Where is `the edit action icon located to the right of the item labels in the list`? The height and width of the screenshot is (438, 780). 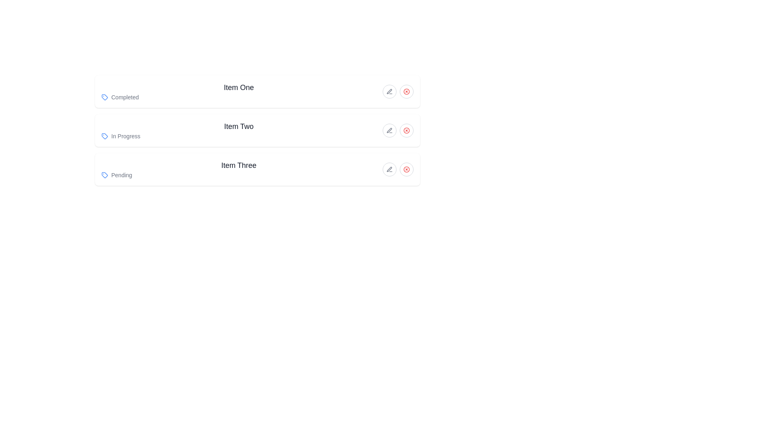 the edit action icon located to the right of the item labels in the list is located at coordinates (389, 130).